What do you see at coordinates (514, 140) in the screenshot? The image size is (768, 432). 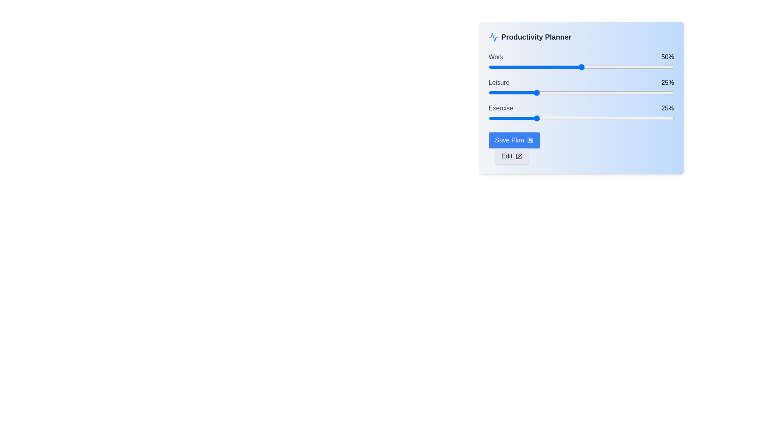 I see `the 'Save Plan' button to save the current configuration` at bounding box center [514, 140].